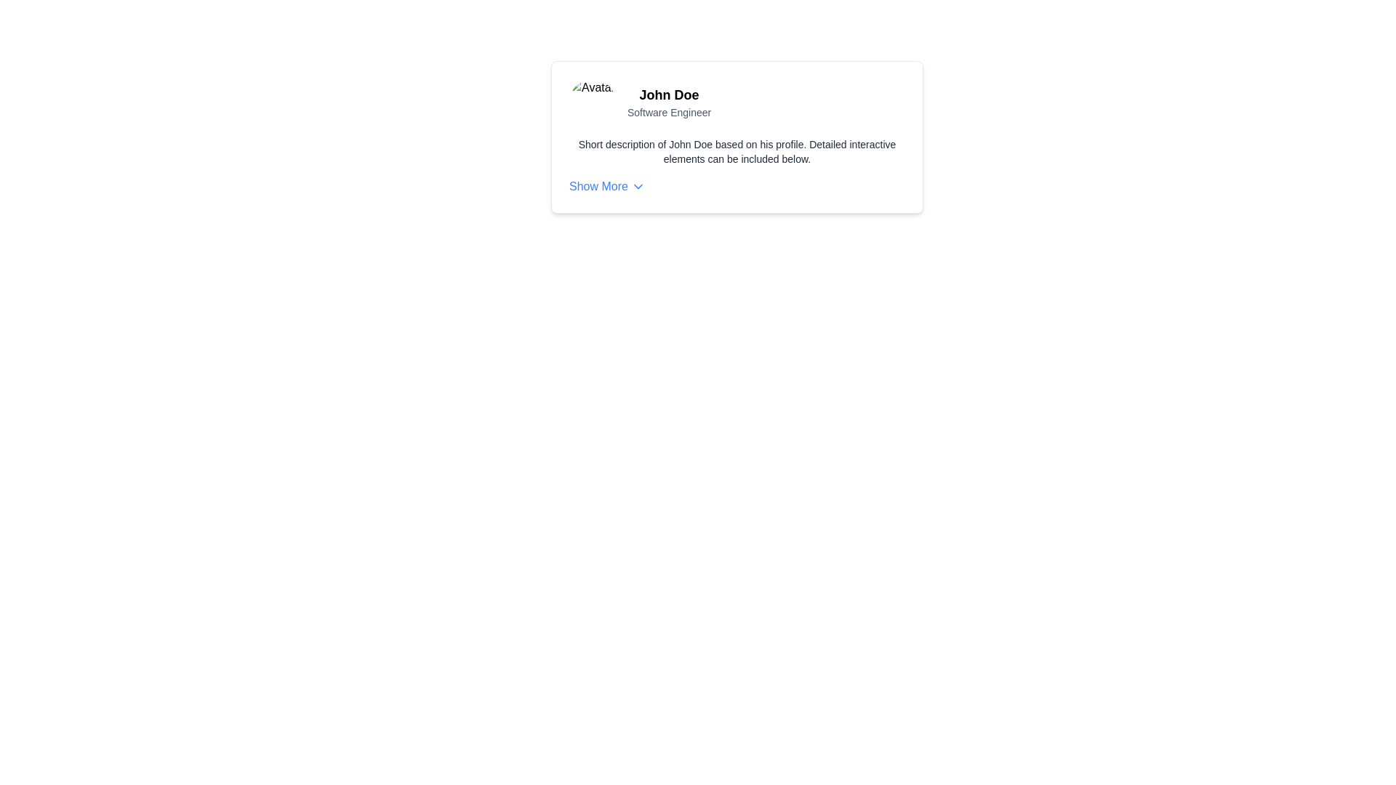  What do you see at coordinates (593, 102) in the screenshot?
I see `the circular avatar image placeholder` at bounding box center [593, 102].